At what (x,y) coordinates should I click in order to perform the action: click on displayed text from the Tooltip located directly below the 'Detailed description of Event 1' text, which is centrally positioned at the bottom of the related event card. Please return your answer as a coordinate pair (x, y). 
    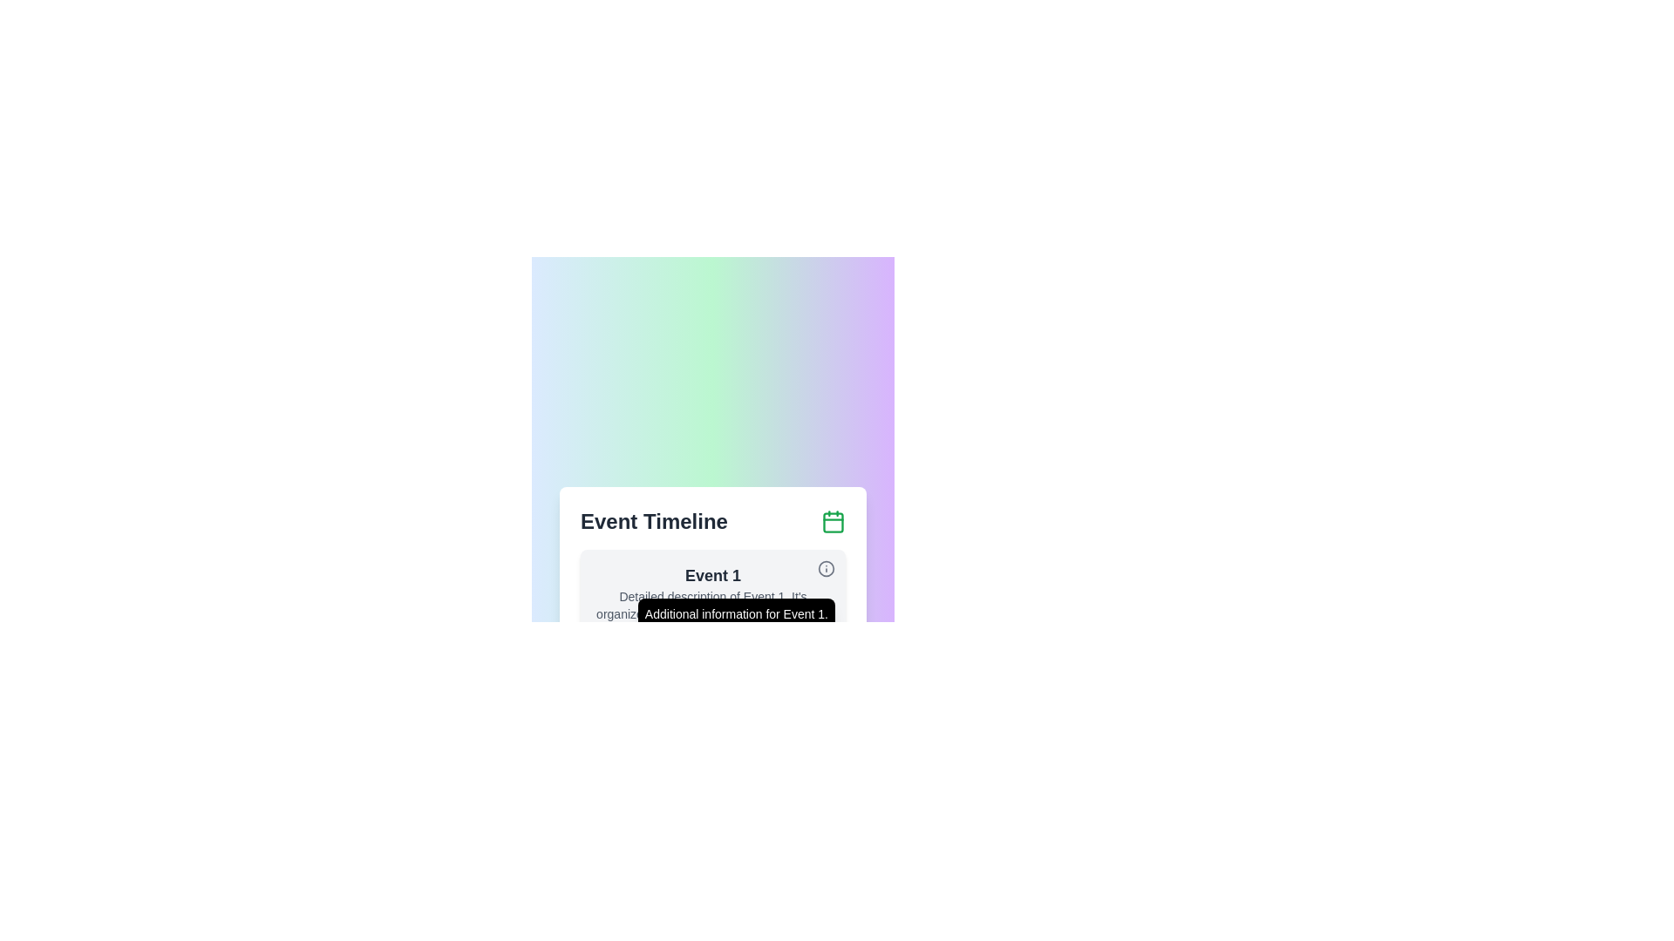
    Looking at the image, I should click on (712, 600).